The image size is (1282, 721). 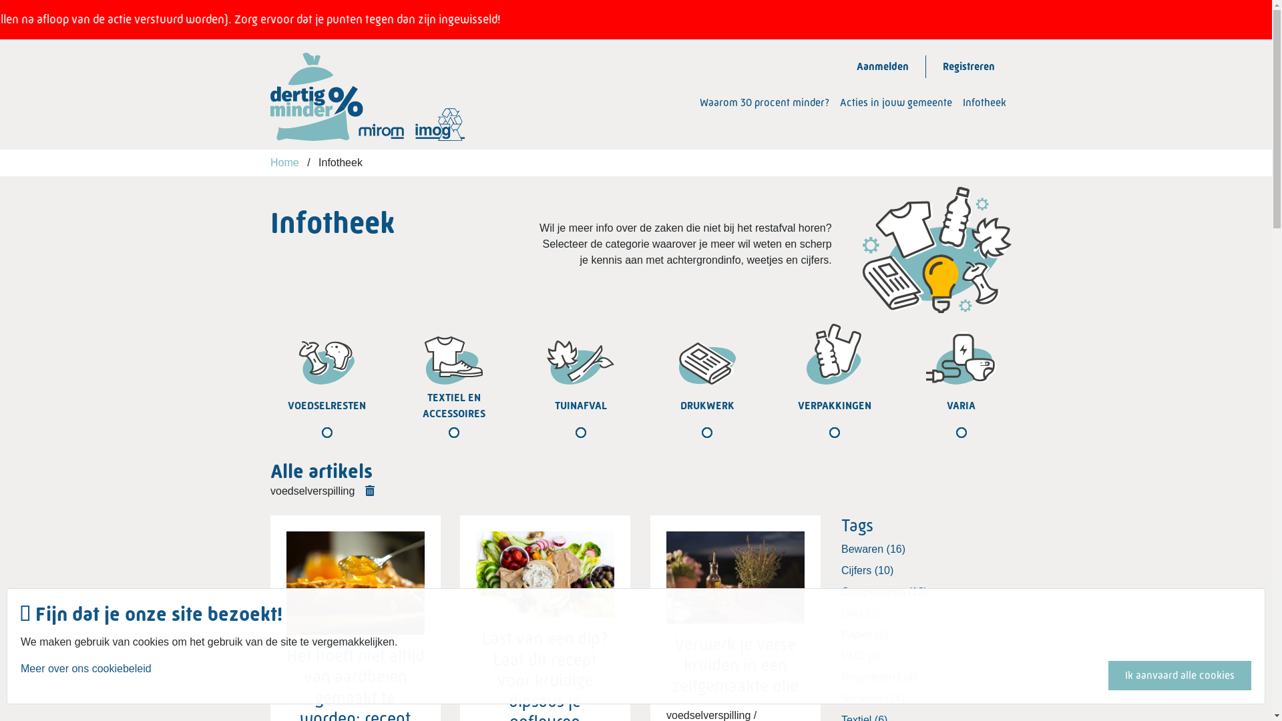 I want to click on 'Recycleren (14)', so click(x=925, y=677).